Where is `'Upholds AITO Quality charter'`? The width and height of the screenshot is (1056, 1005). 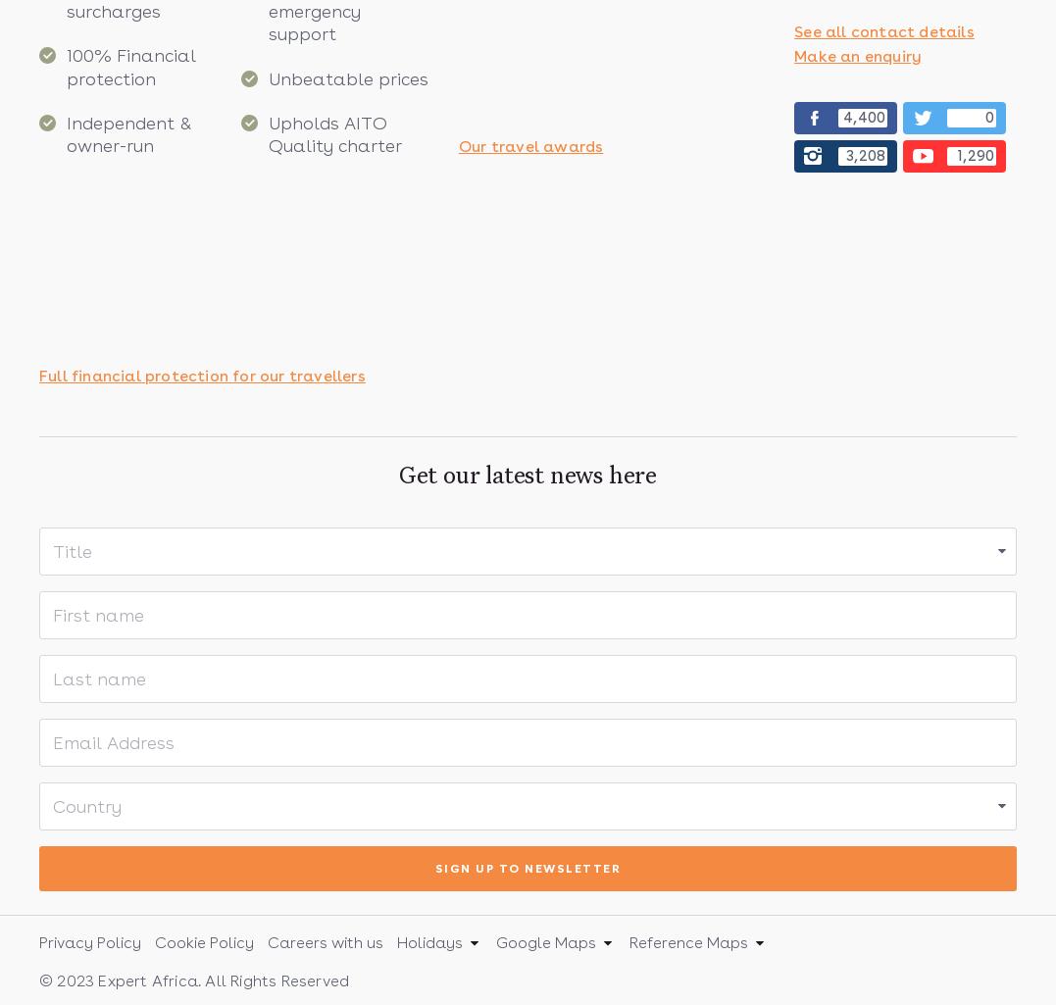
'Upholds AITO Quality charter' is located at coordinates (333, 133).